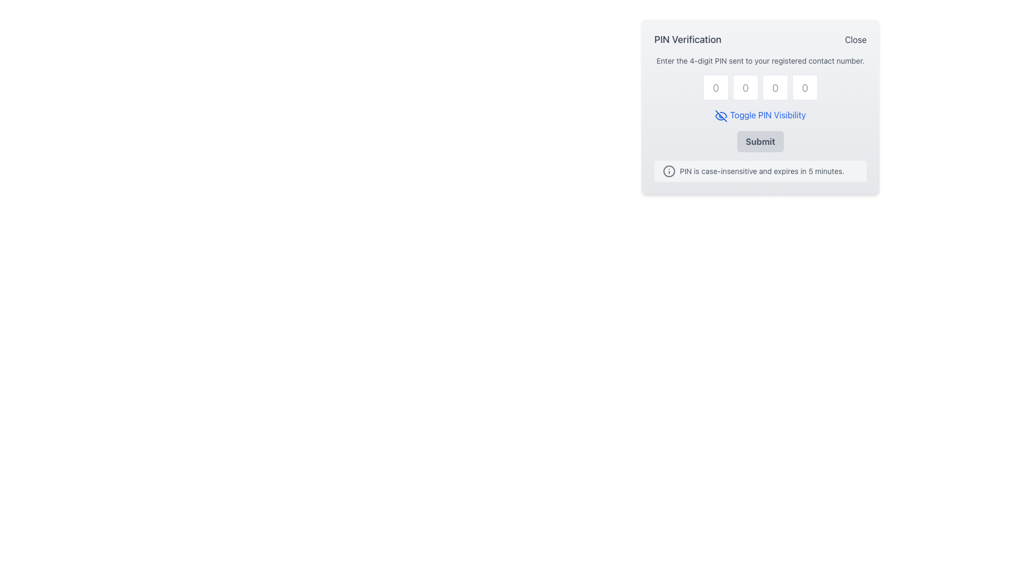  What do you see at coordinates (669, 170) in the screenshot?
I see `the informational icon located to the left of the text in the verification modal, which indicates helpful information about the PIN` at bounding box center [669, 170].